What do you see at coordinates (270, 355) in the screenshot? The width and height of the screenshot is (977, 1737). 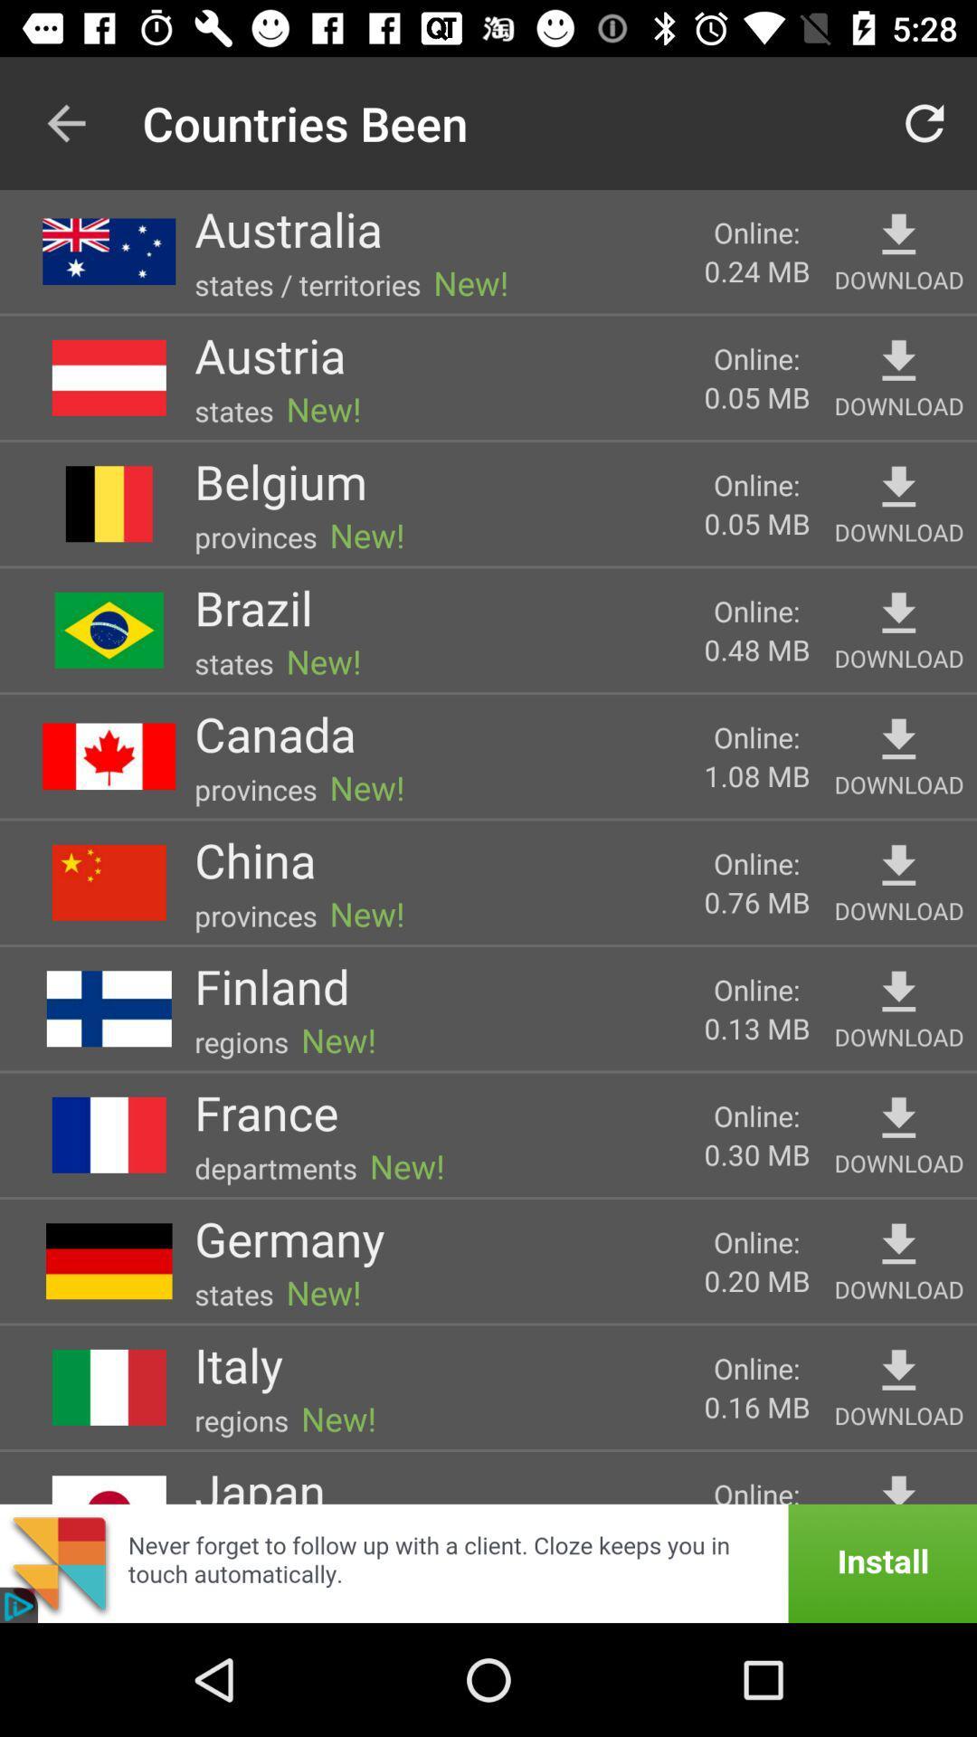 I see `the austria` at bounding box center [270, 355].